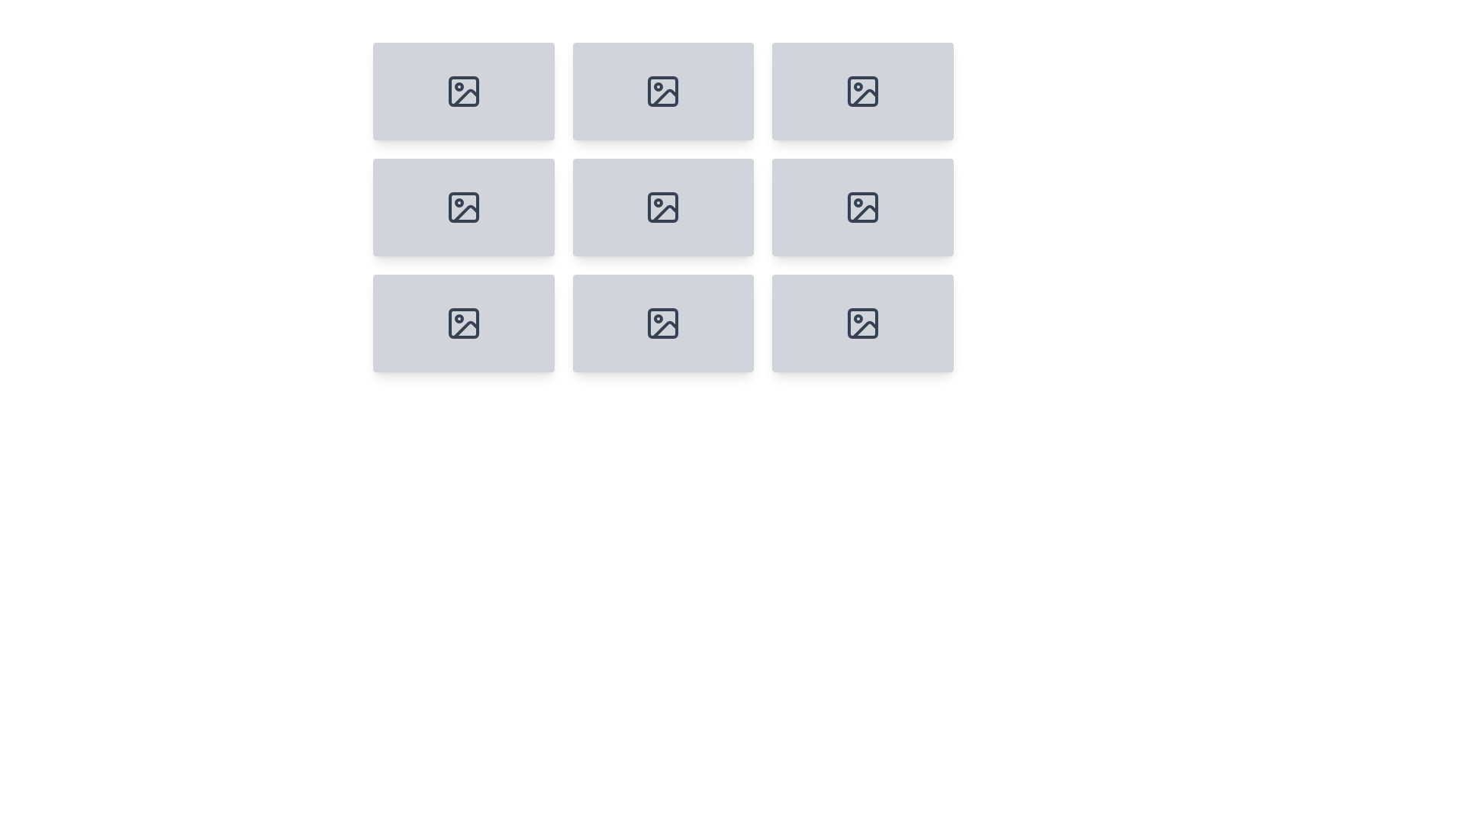  What do you see at coordinates (462, 323) in the screenshot?
I see `the icon representing an image placeholder located in the third row, second column of the grid layout` at bounding box center [462, 323].